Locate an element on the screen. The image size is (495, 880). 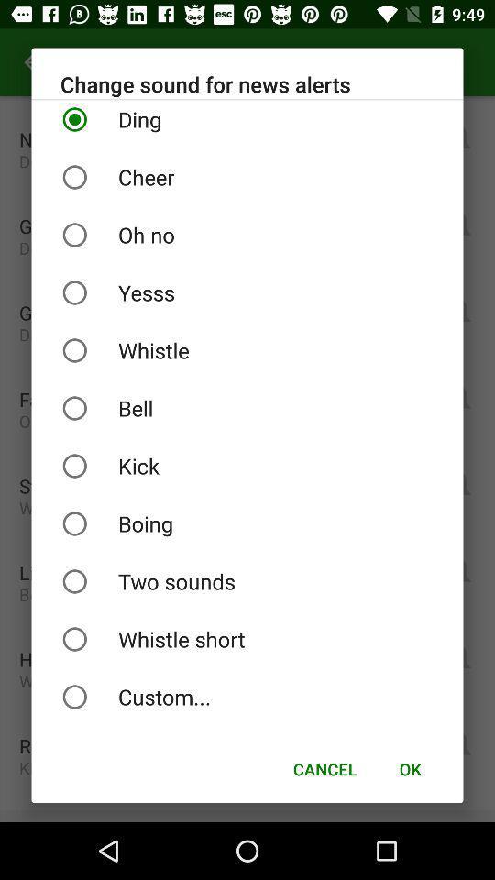
the icon to the left of ok item is located at coordinates (324, 769).